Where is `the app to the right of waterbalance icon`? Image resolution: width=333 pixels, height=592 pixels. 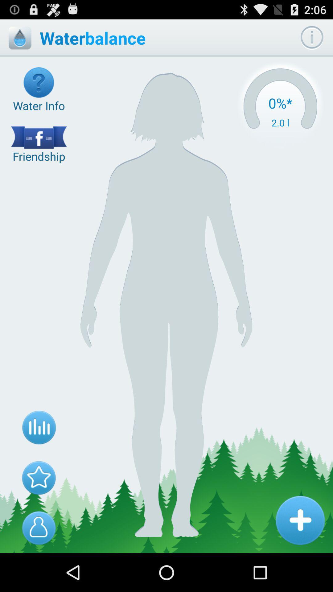
the app to the right of waterbalance icon is located at coordinates (312, 38).